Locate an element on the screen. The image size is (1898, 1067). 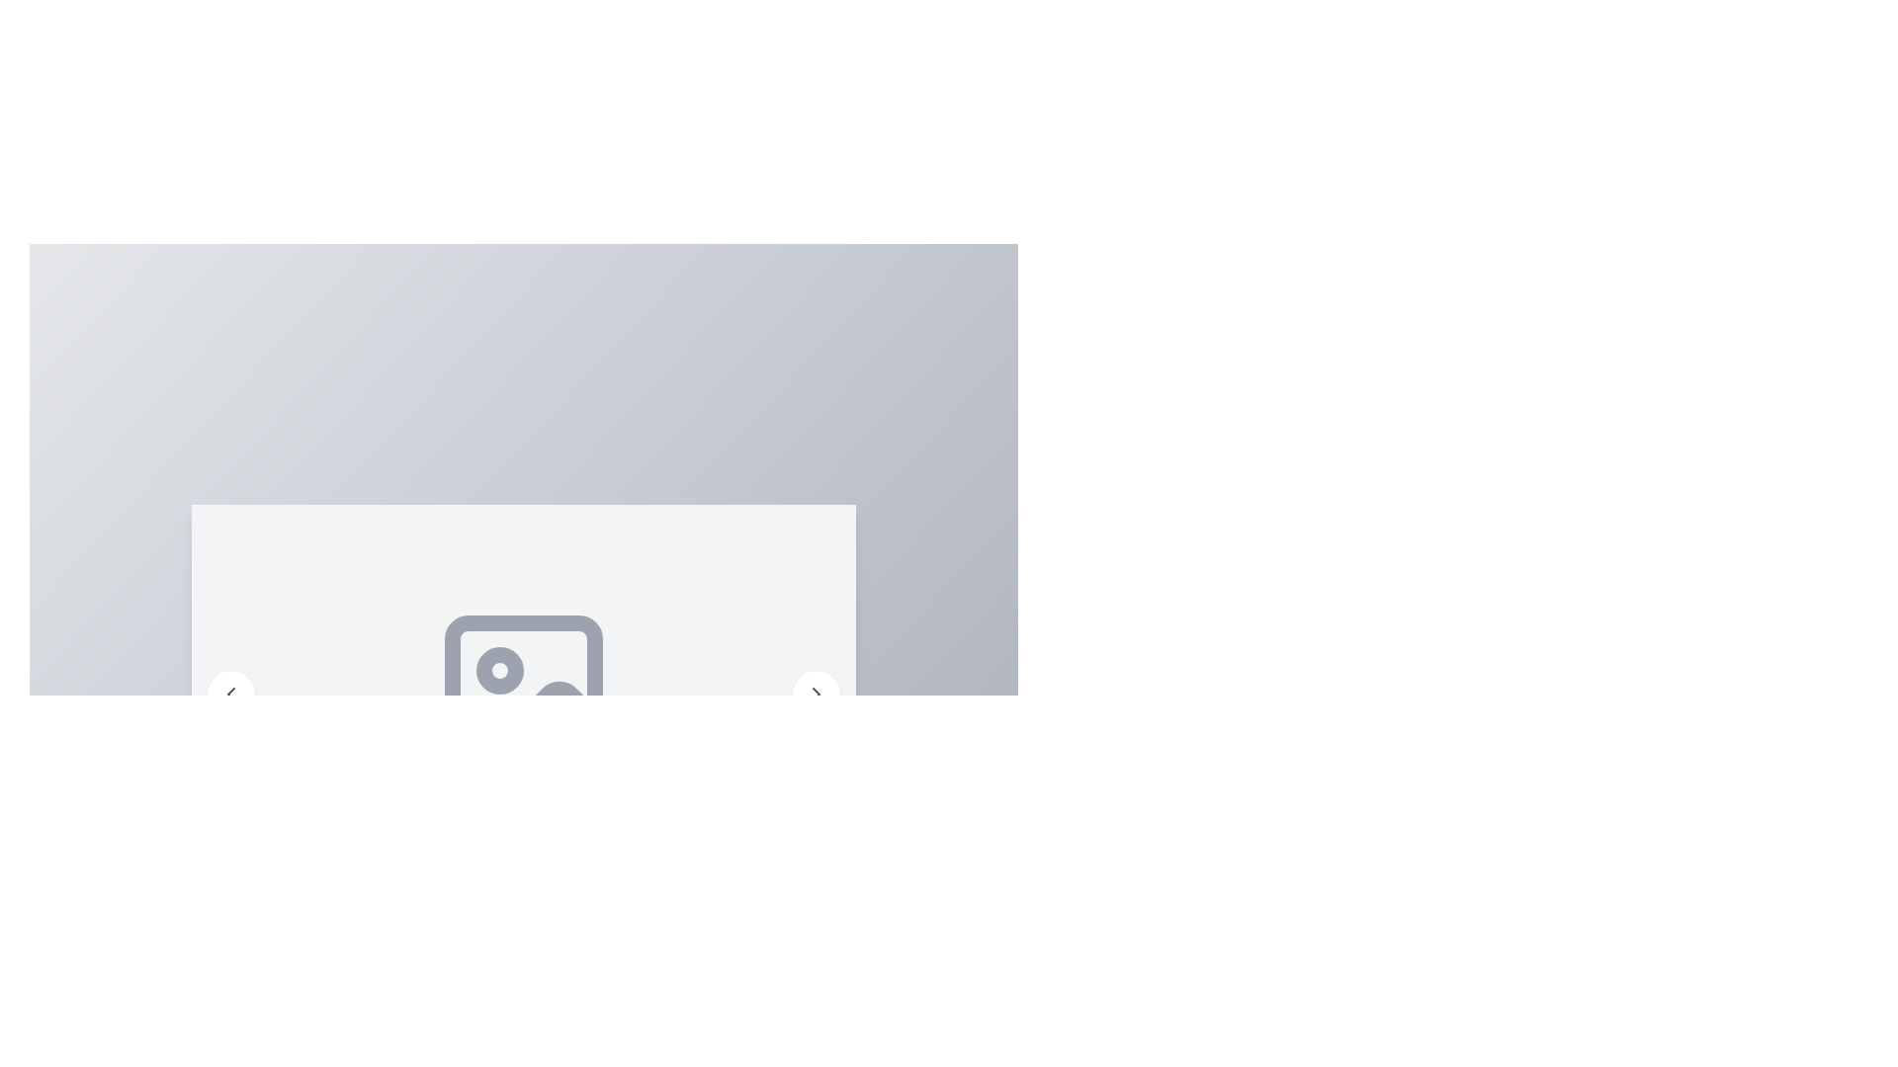
the circular button with a white background and a left-pointing chevron icon to move backward is located at coordinates (231, 693).